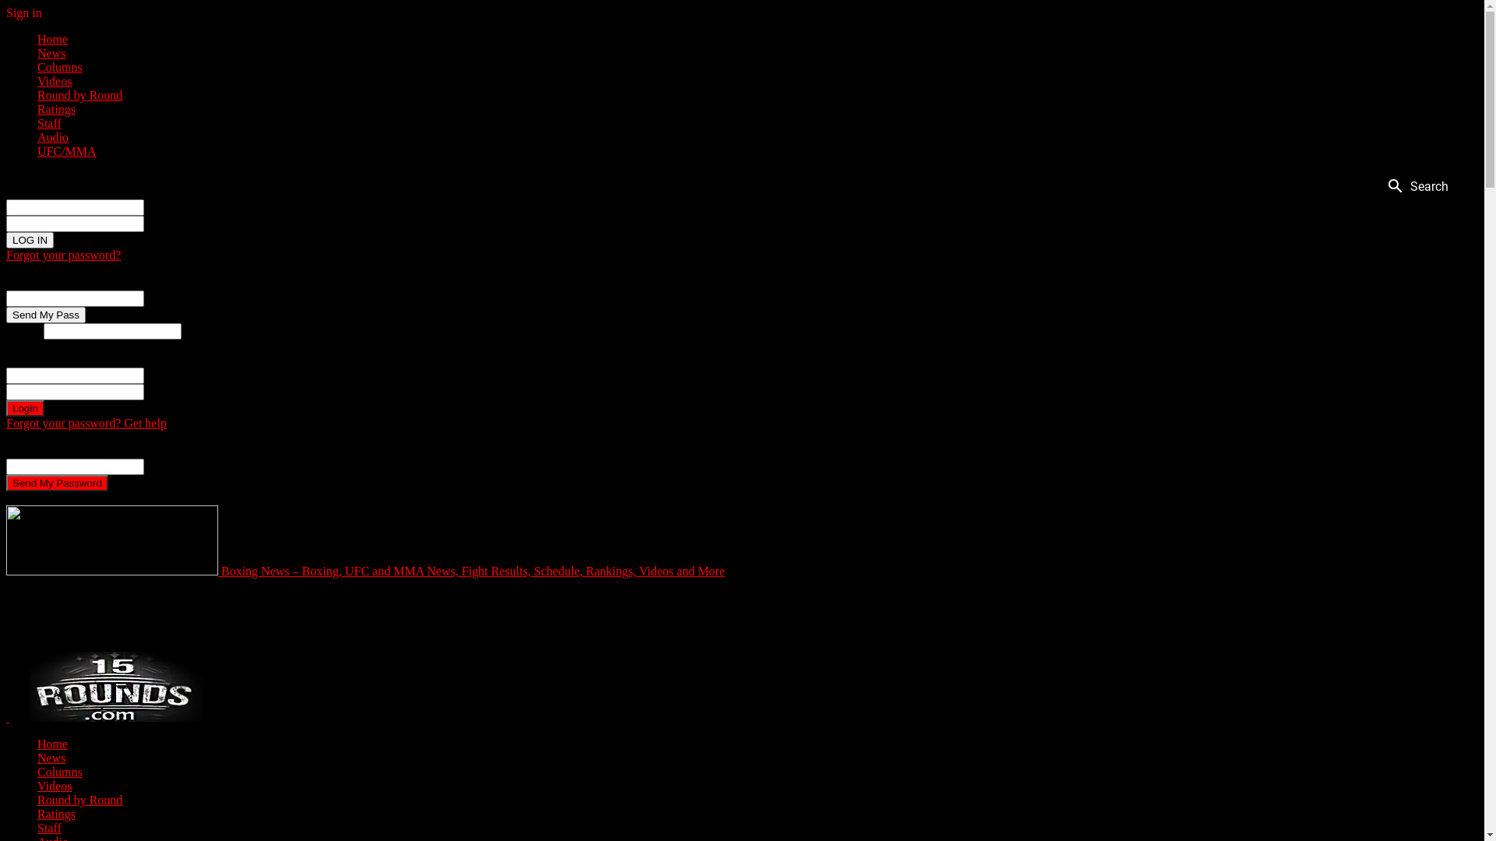 Image resolution: width=1496 pixels, height=841 pixels. What do you see at coordinates (49, 122) in the screenshot?
I see `'Staff'` at bounding box center [49, 122].